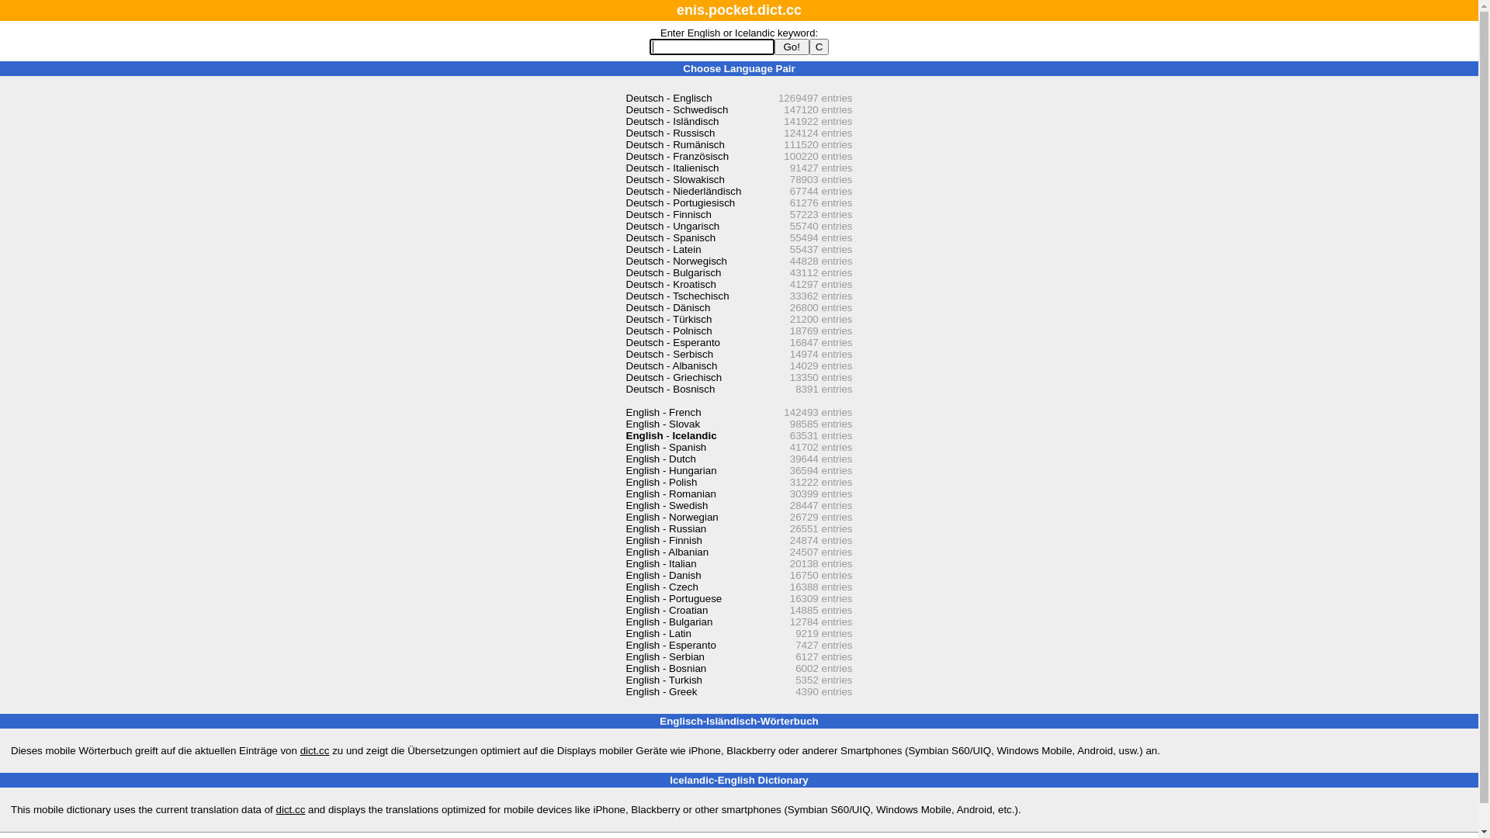 The width and height of the screenshot is (1490, 838). Describe the element at coordinates (669, 354) in the screenshot. I see `'Deutsch - Serbisch'` at that location.